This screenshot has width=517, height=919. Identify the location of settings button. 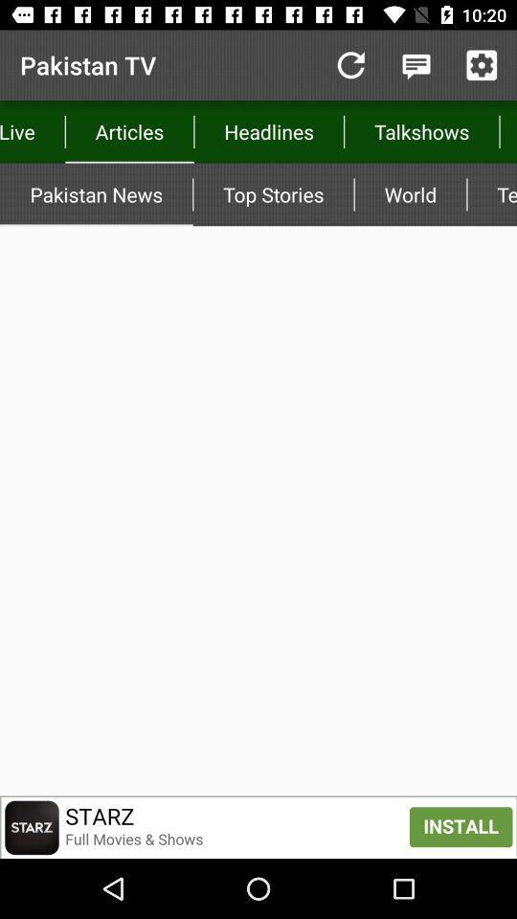
(481, 65).